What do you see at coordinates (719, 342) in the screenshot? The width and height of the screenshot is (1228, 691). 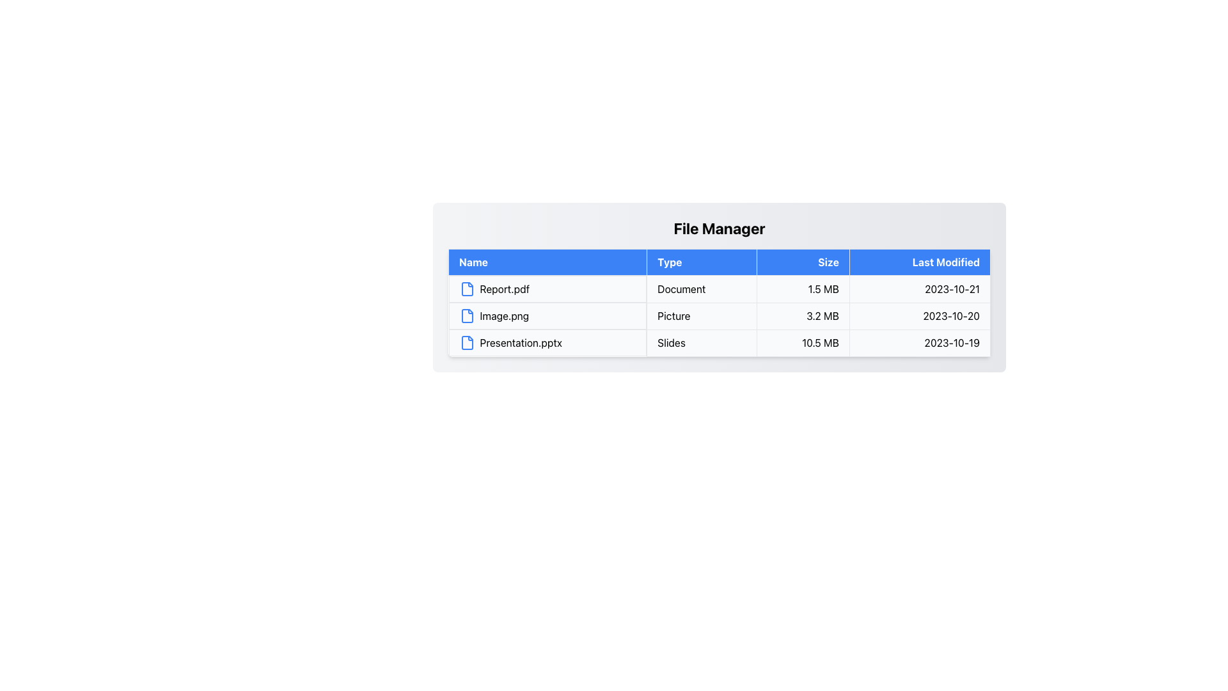 I see `the bottom-most row in the file manager interface displaying 'Presentation.pptx'` at bounding box center [719, 342].